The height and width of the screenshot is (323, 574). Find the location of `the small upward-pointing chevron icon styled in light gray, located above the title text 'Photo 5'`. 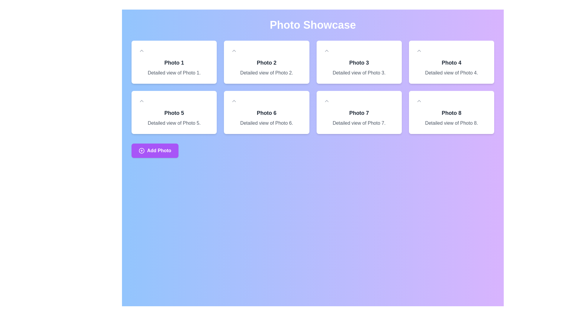

the small upward-pointing chevron icon styled in light gray, located above the title text 'Photo 5' is located at coordinates (141, 101).